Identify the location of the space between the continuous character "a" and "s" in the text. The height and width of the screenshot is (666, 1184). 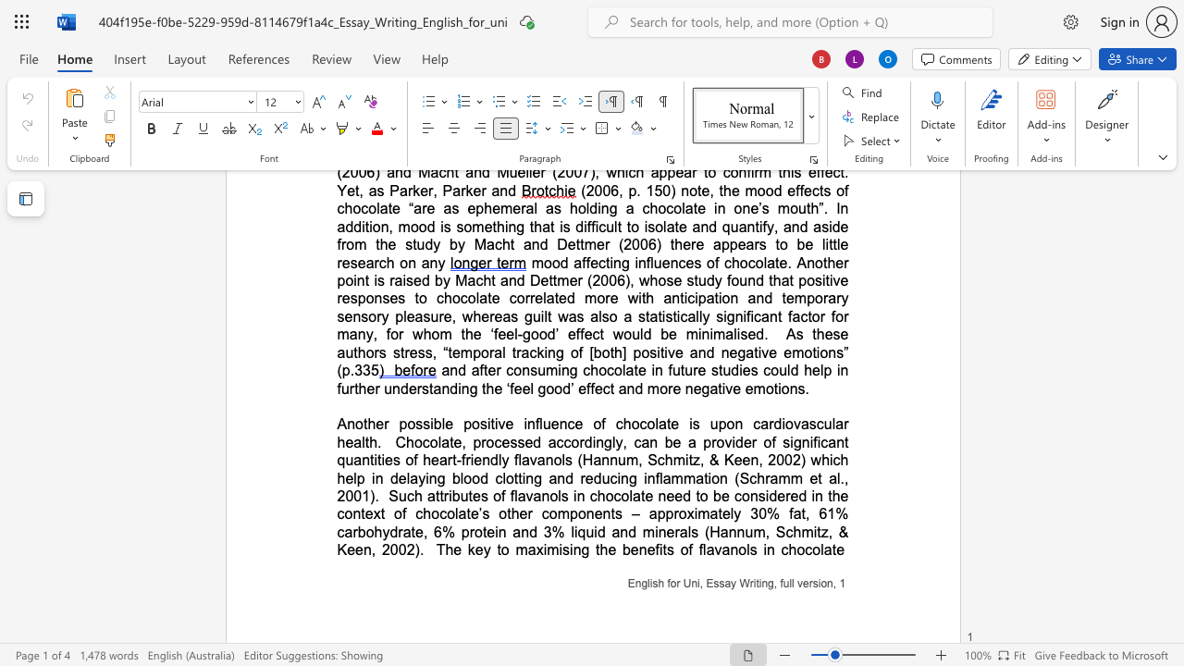
(808, 424).